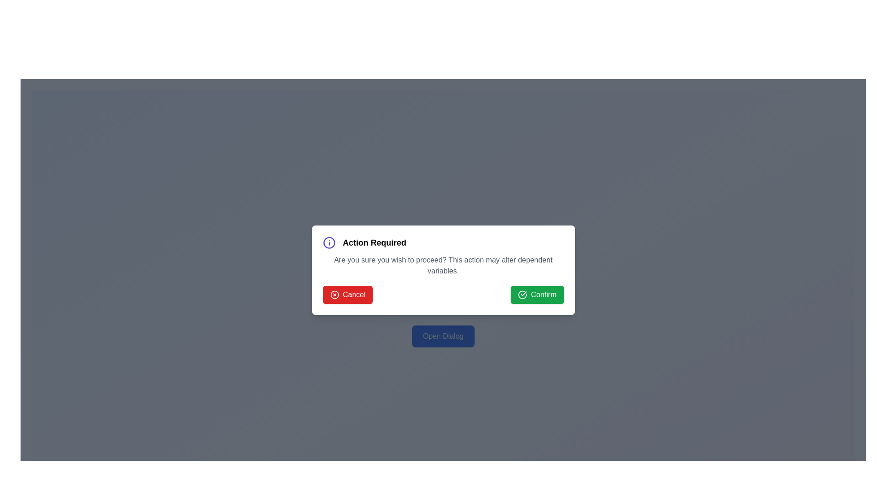 This screenshot has width=877, height=493. Describe the element at coordinates (537, 294) in the screenshot. I see `the 'Confirm' button, which is a rectangular button with rounded corners, a green background, and white text, located in the lower right corner of the dialog box` at that location.